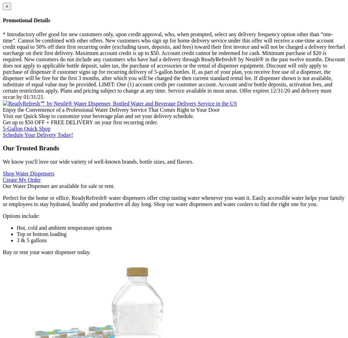  What do you see at coordinates (26, 20) in the screenshot?
I see `'Promotional Details'` at bounding box center [26, 20].